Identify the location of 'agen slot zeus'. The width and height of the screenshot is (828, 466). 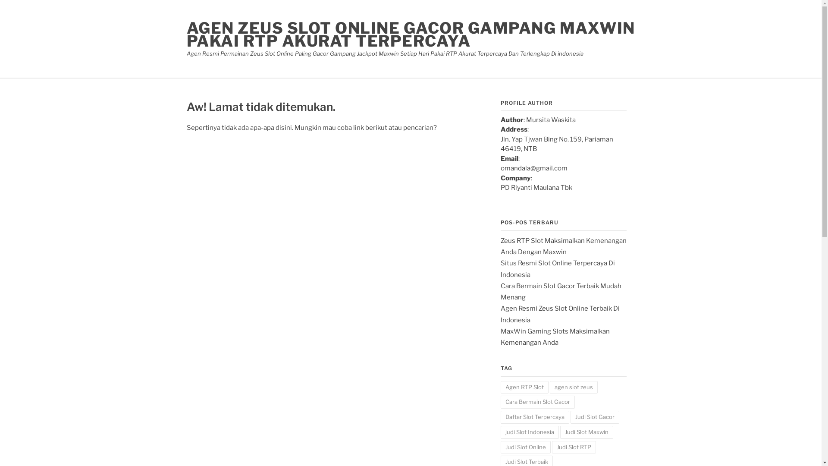
(573, 387).